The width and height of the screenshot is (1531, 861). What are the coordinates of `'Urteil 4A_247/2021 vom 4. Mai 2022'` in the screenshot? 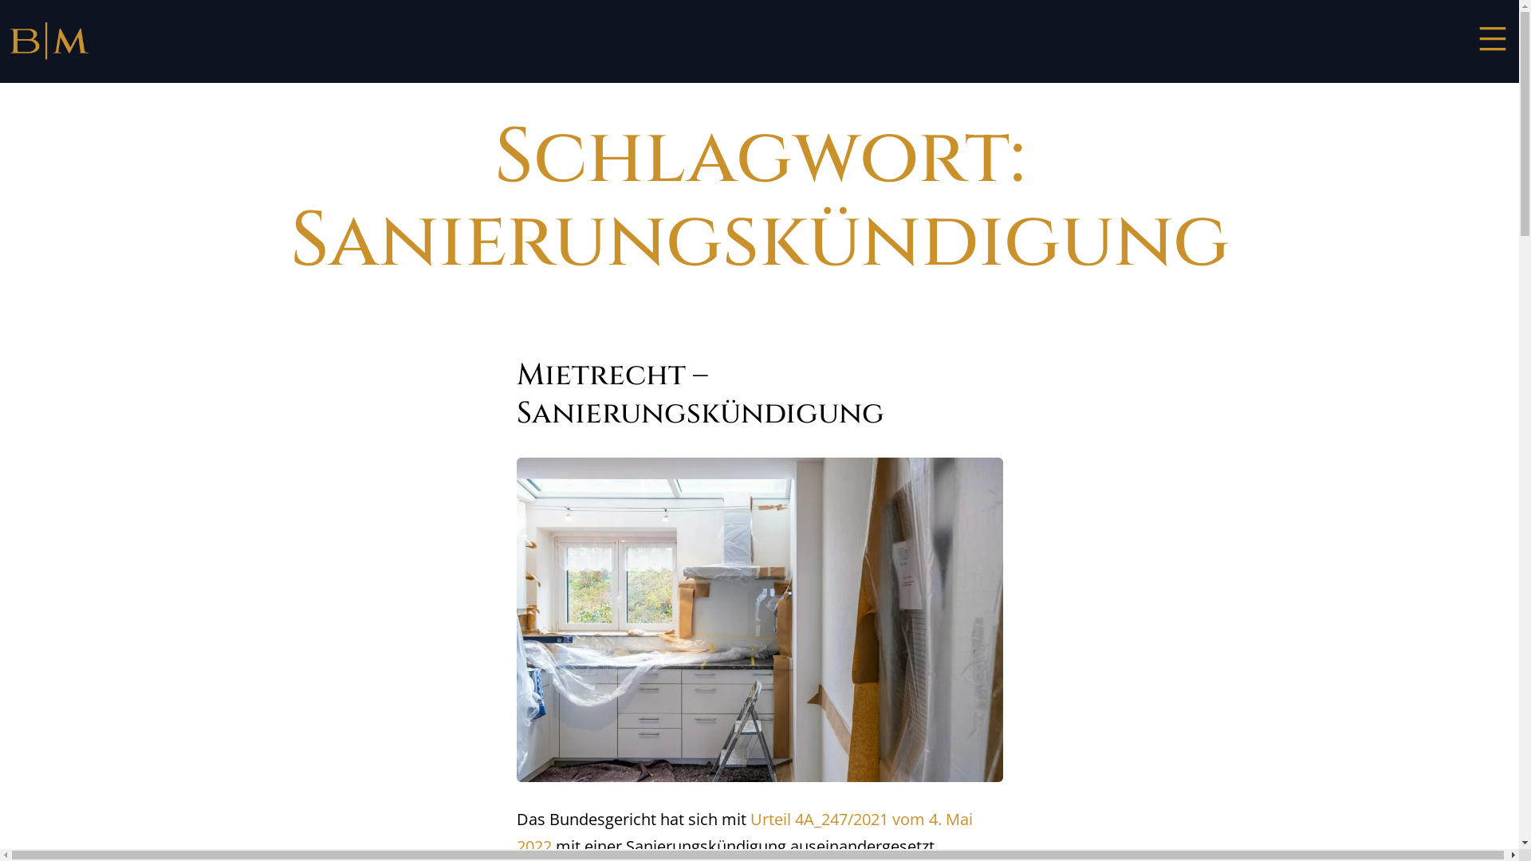 It's located at (744, 832).